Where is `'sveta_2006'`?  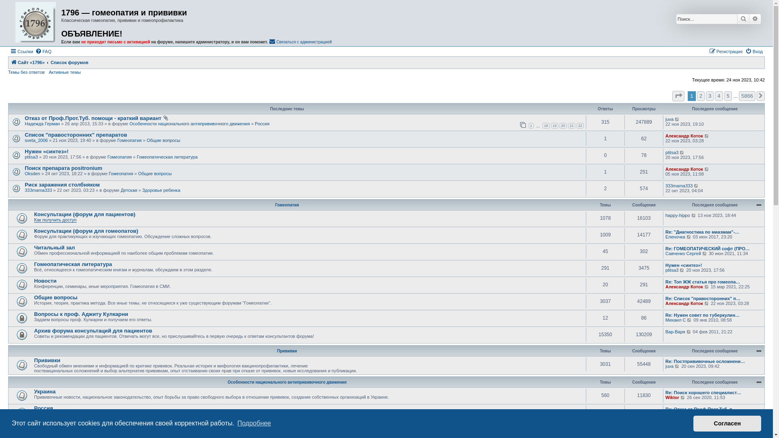
'sveta_2006' is located at coordinates (36, 140).